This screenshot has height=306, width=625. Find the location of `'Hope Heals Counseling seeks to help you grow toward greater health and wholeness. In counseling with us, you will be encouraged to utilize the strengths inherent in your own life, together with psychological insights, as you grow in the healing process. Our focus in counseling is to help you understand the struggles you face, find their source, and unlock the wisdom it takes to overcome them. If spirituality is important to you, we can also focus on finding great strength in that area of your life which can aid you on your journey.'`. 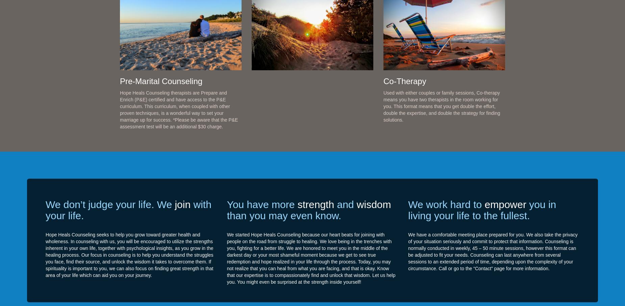

'Hope Heals Counseling seeks to help you grow toward greater health and wholeness. In counseling with us, you will be encouraged to utilize the strengths inherent in your own life, together with psychological insights, as you grow in the healing process. Our focus in counseling is to help you understand the struggles you face, find their source, and unlock the wisdom it takes to overcome them. If spirituality is important to you, we can also focus on finding great strength in that area of your life which can aid you on your journey.' is located at coordinates (129, 254).